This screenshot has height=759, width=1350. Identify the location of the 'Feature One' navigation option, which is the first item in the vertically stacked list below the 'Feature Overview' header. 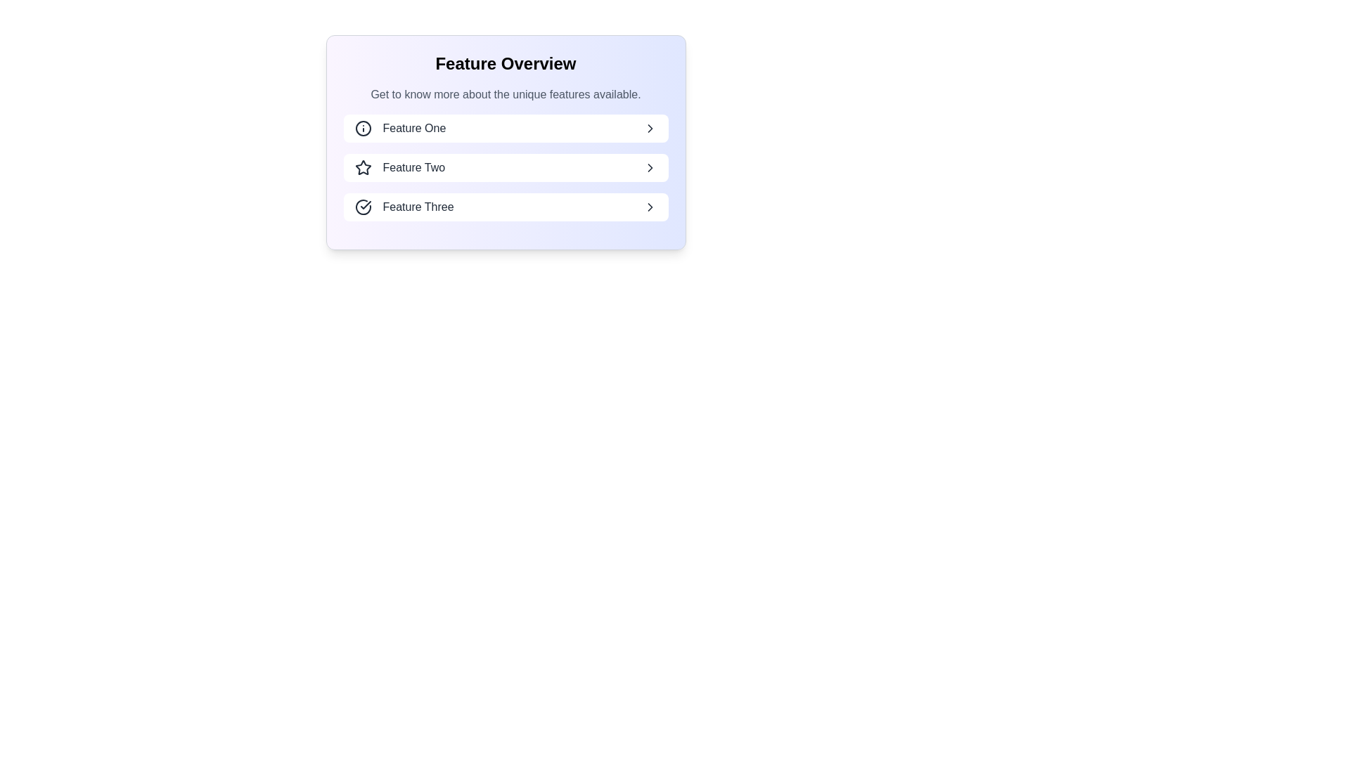
(399, 128).